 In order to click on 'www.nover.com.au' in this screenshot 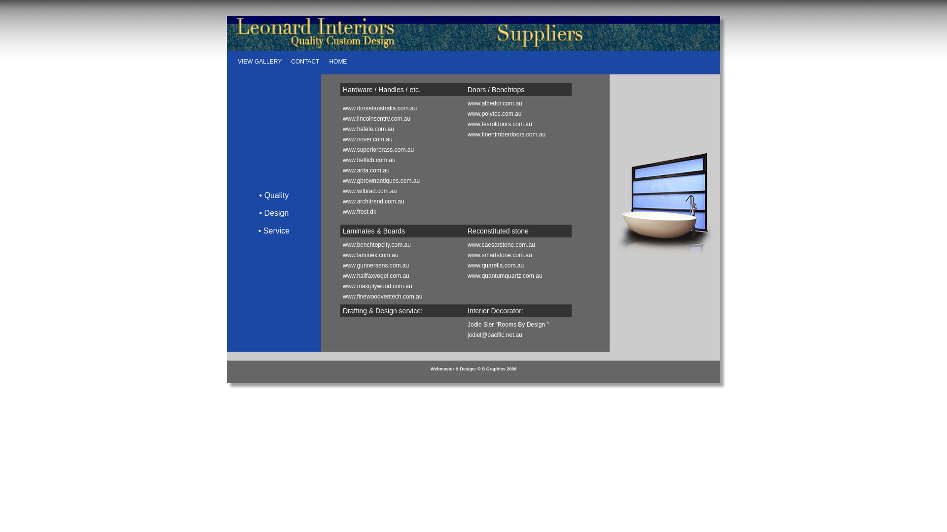, I will do `click(367, 139)`.